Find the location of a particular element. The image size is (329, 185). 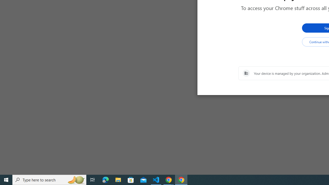

'Type here to search' is located at coordinates (49, 179).